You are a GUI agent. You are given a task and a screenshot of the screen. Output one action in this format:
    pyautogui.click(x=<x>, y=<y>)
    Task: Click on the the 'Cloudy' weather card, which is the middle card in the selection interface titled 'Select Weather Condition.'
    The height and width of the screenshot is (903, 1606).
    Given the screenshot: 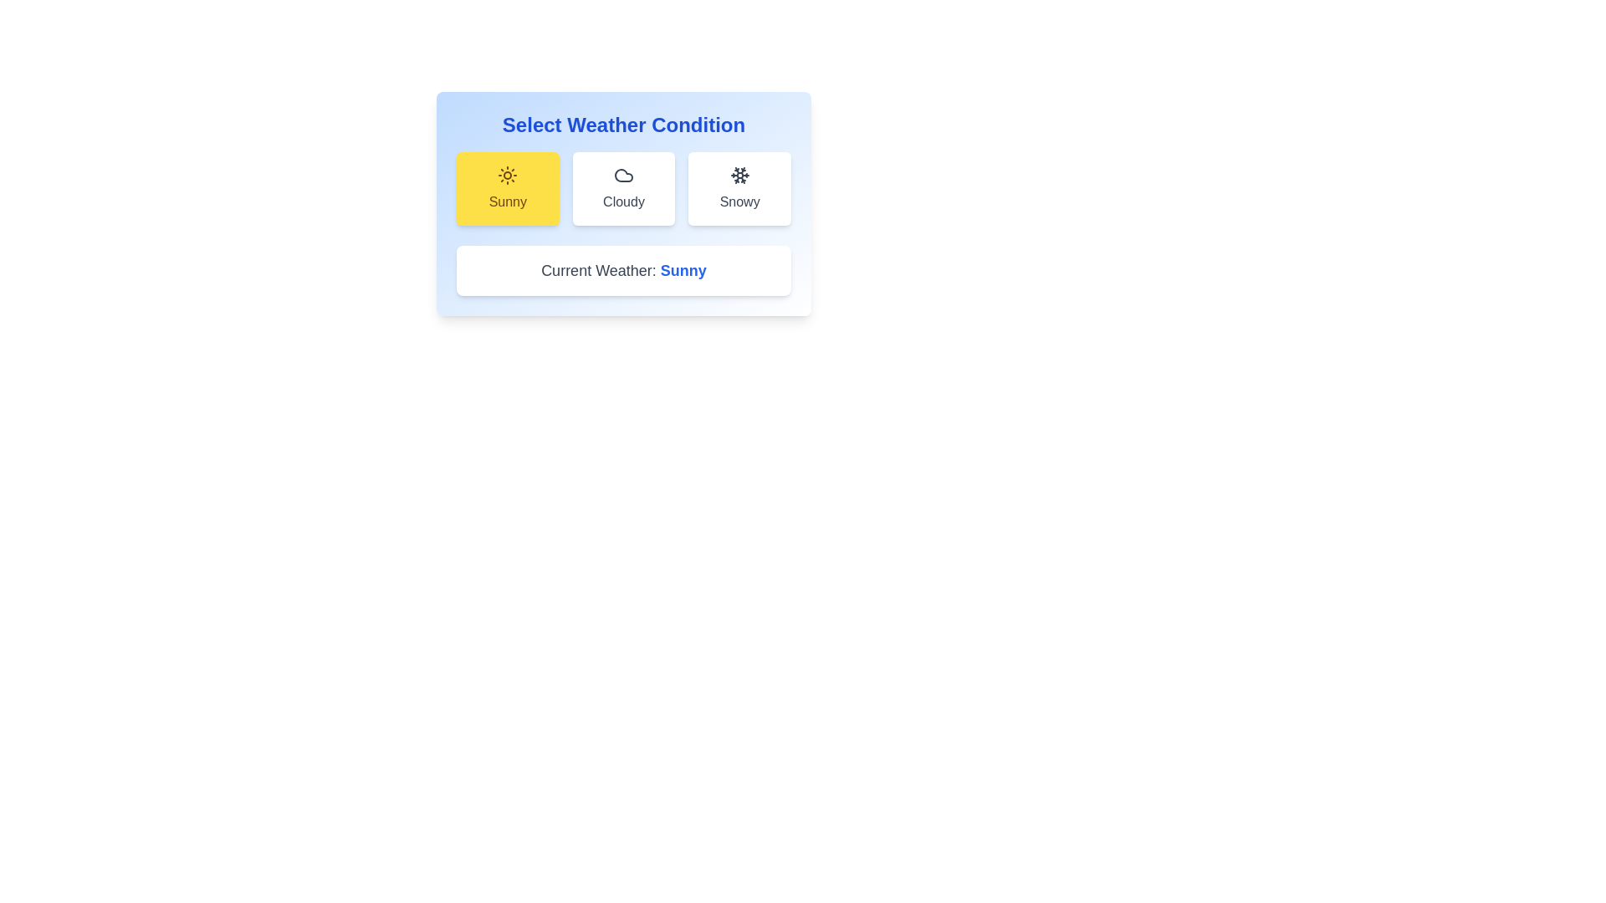 What is the action you would take?
    pyautogui.click(x=622, y=202)
    